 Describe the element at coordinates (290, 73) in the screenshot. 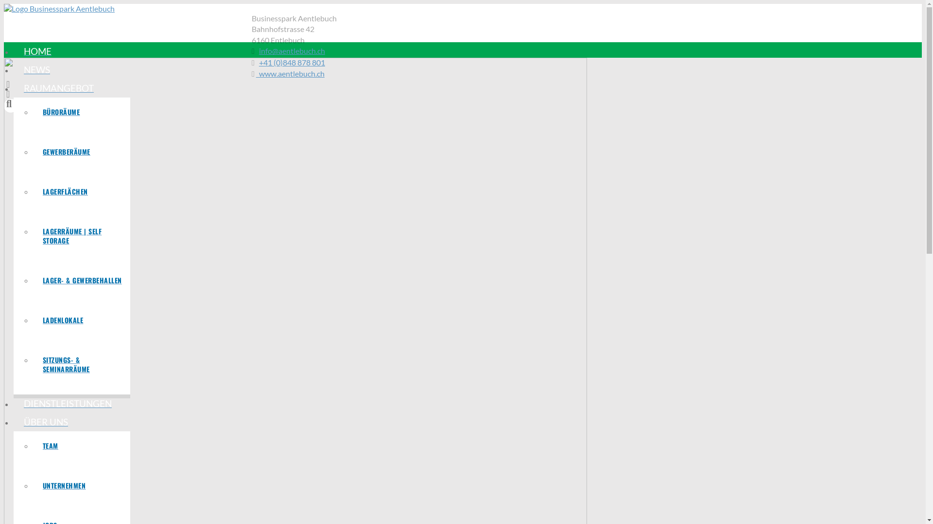

I see `'  www.aentlebuch.ch'` at that location.